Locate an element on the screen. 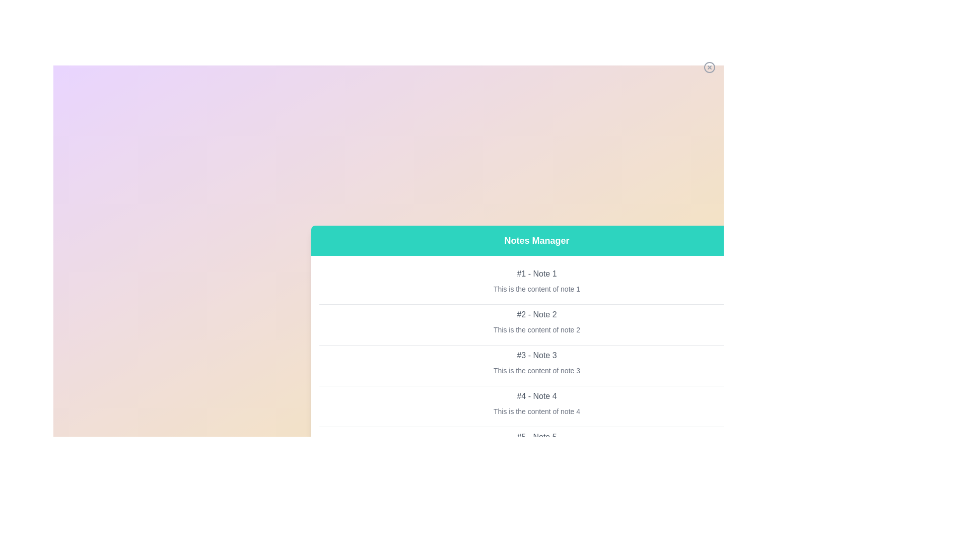  the close button is located at coordinates (709, 67).